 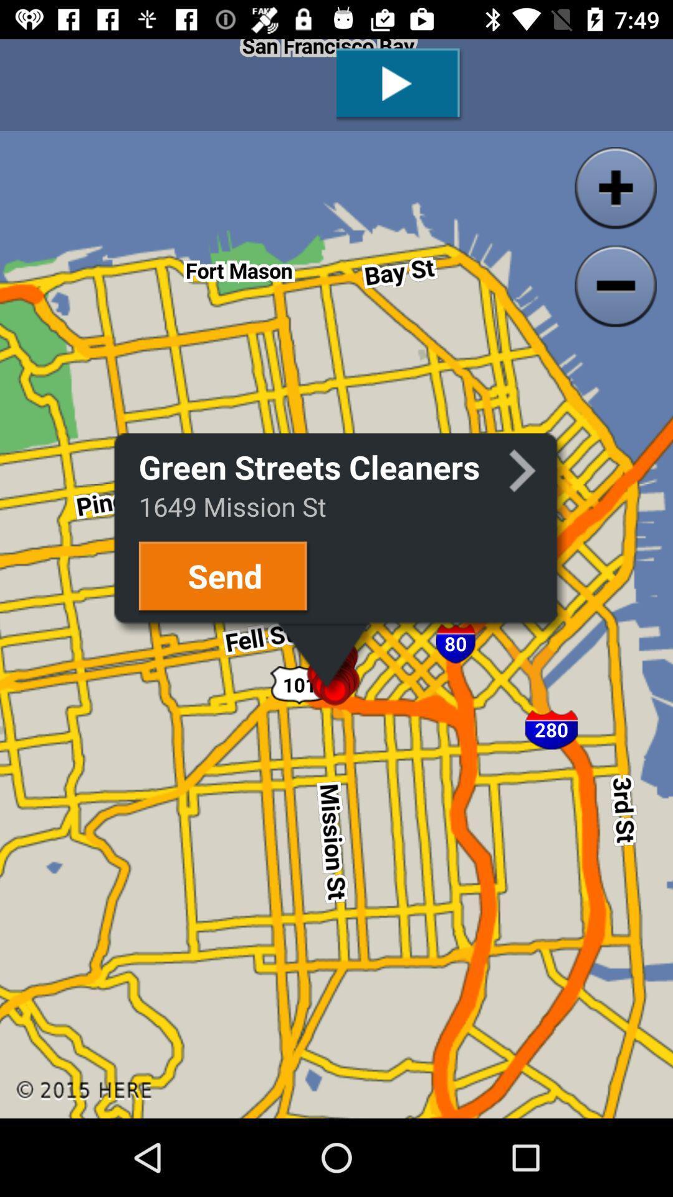 I want to click on the zoom_out icon, so click(x=615, y=286).